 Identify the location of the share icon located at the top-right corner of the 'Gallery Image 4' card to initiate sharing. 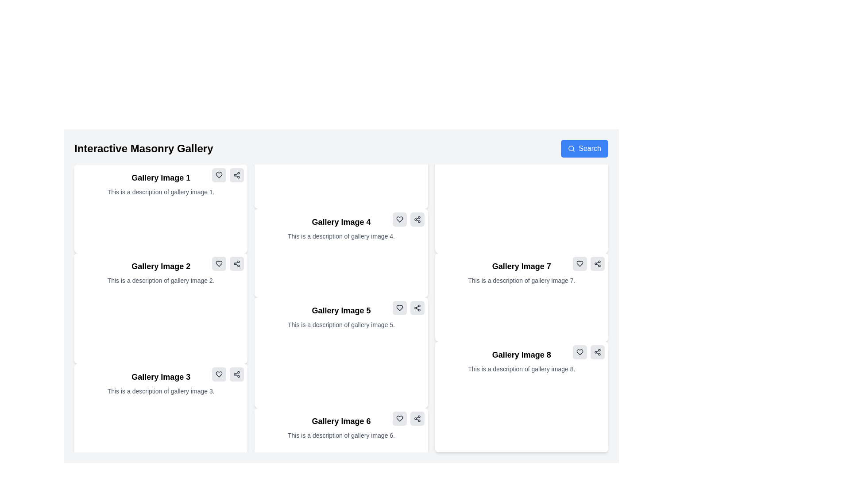
(417, 219).